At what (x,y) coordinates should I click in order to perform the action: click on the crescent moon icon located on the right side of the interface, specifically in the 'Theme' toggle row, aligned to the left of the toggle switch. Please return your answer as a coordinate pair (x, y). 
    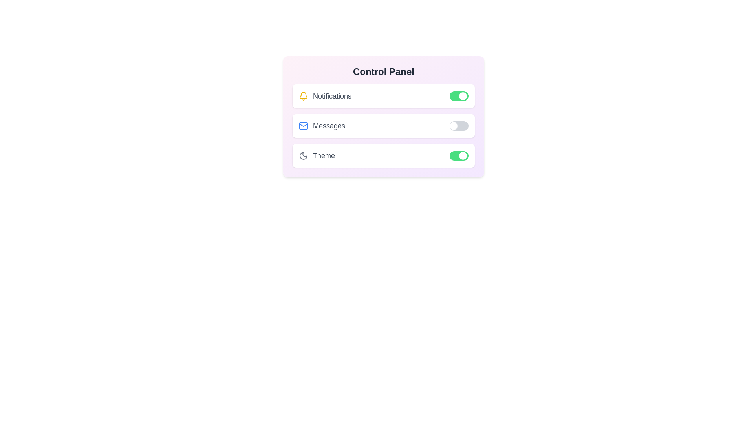
    Looking at the image, I should click on (303, 156).